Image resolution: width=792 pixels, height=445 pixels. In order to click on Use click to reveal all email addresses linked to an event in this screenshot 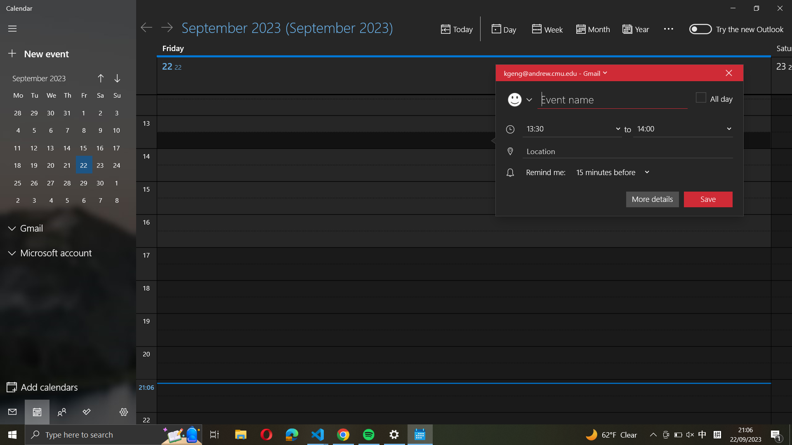, I will do `click(554, 73)`.